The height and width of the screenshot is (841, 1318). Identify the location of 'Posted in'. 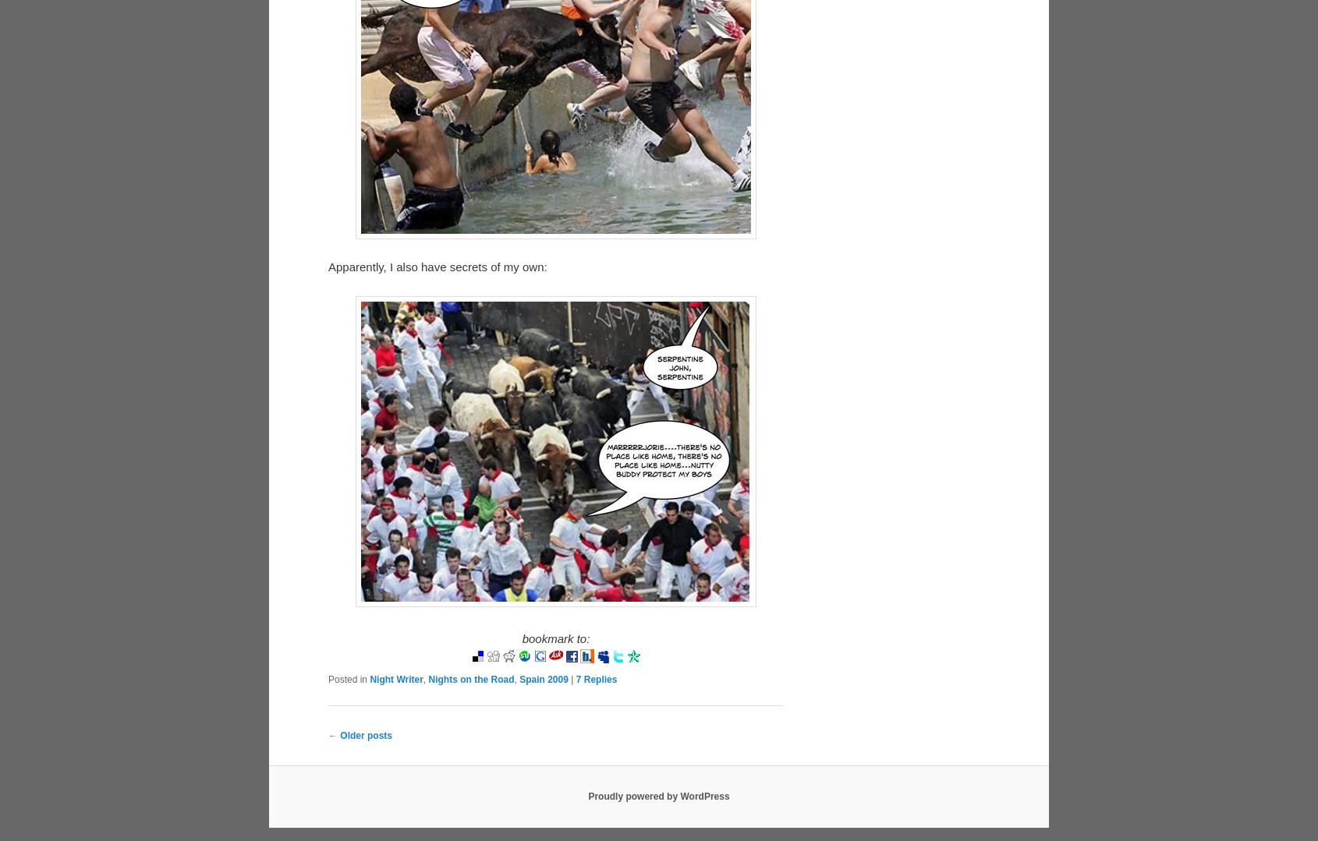
(327, 715).